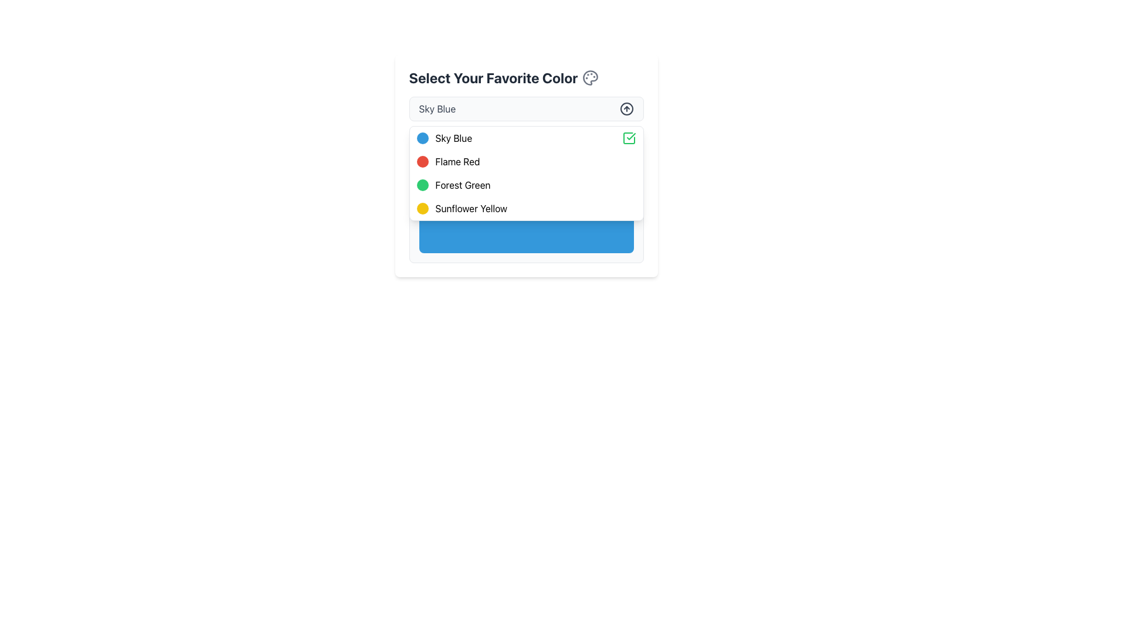 The width and height of the screenshot is (1126, 633). I want to click on the second item in the dropdown list, so click(525, 158).